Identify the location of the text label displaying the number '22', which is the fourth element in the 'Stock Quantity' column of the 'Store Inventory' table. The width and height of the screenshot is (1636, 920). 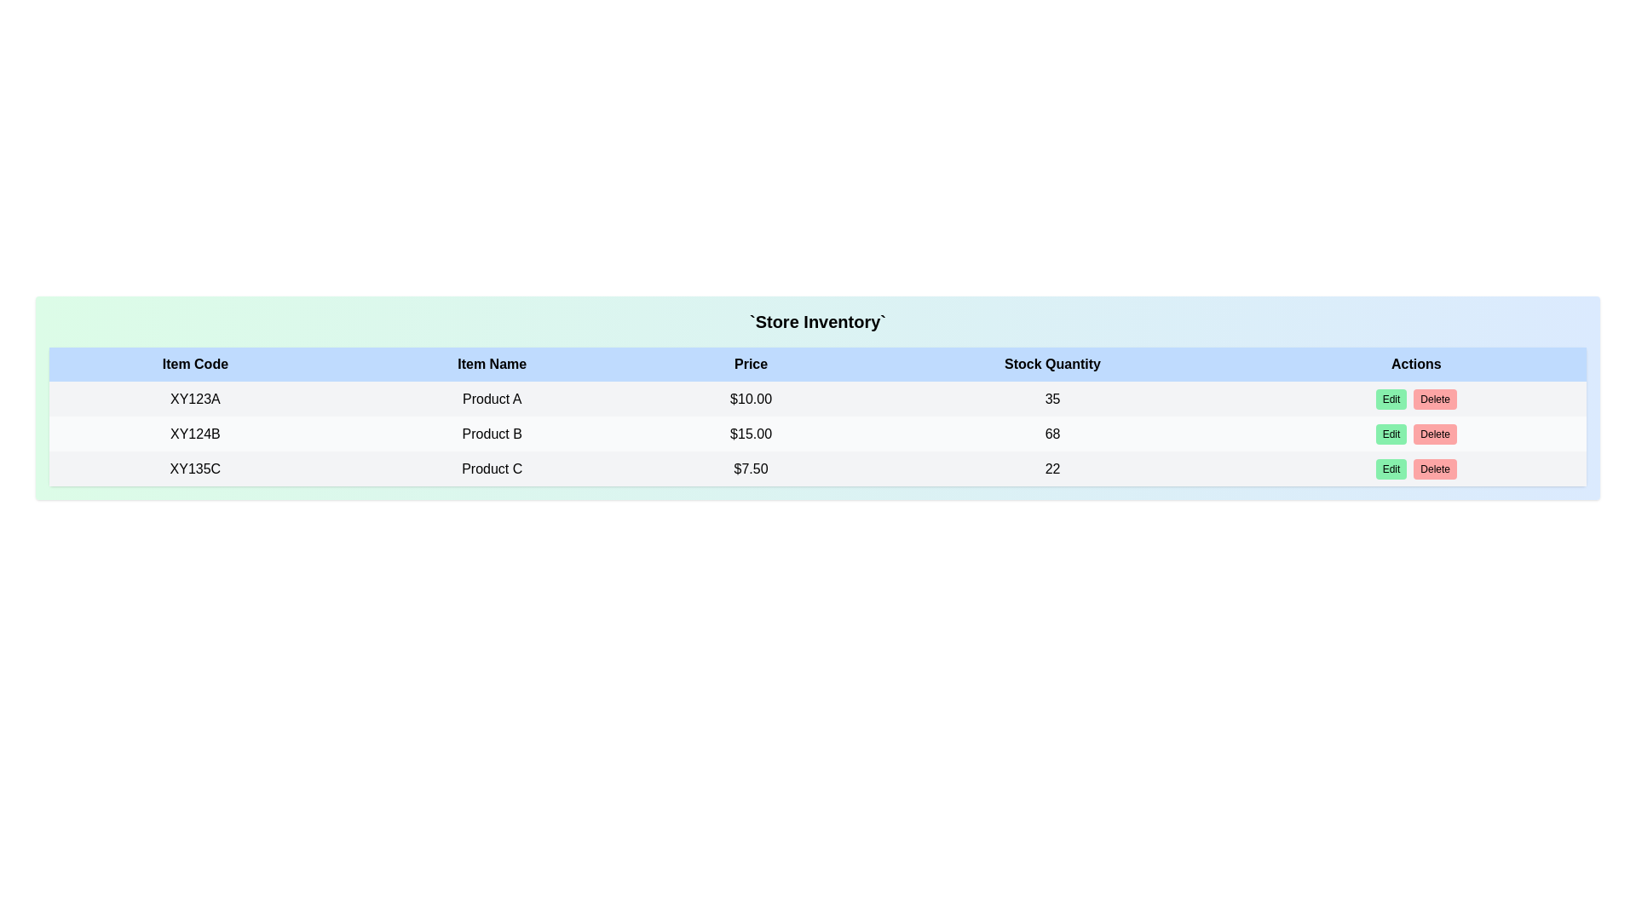
(1051, 469).